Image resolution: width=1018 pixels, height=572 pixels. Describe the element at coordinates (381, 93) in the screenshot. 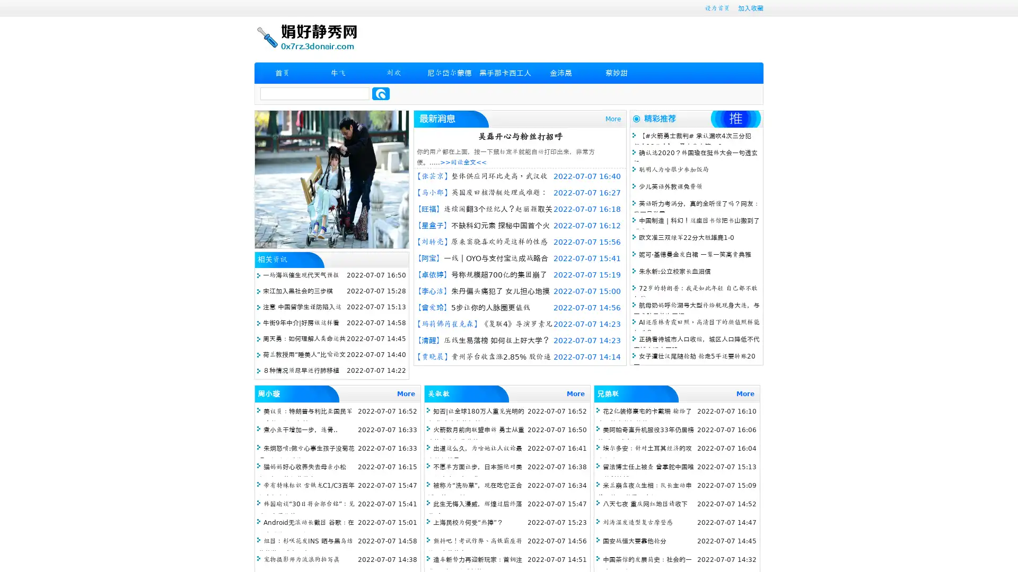

I see `Search` at that location.